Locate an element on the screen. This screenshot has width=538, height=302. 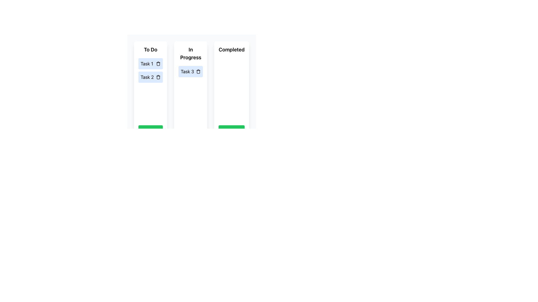
text label indicating the status 'In Progress' located at the top of the card component is located at coordinates (191, 54).